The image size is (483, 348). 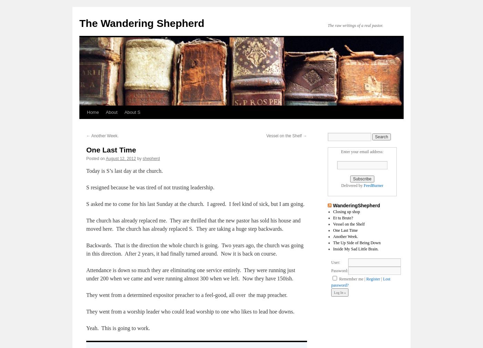 I want to click on 'They went from a determined expositor preacher to a feel-good, all over  the map preacher.', so click(x=187, y=295).